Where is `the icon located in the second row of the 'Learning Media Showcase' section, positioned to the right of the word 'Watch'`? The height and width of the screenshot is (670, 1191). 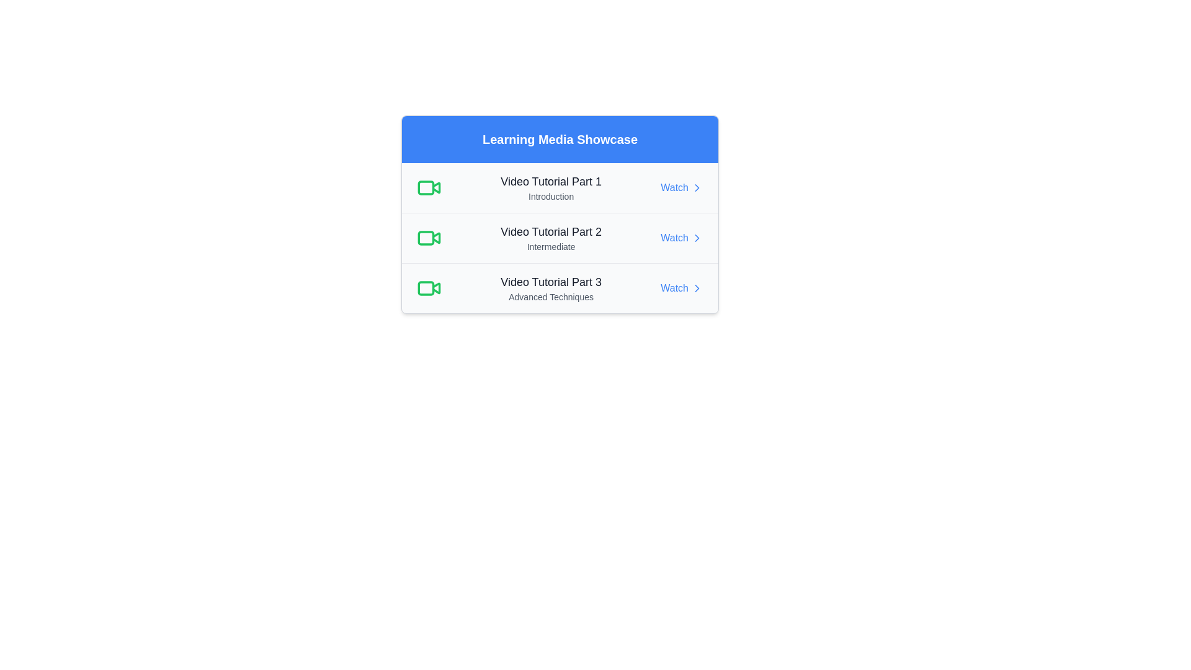
the icon located in the second row of the 'Learning Media Showcase' section, positioned to the right of the word 'Watch' is located at coordinates (697, 238).